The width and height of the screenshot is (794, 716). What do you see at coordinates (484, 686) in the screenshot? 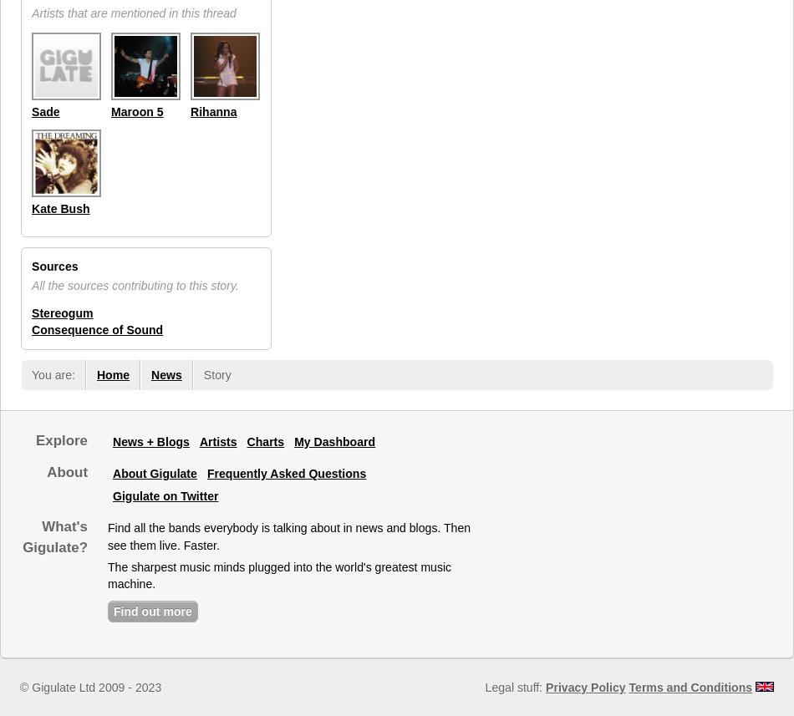
I see `'Legal stuff:'` at bounding box center [484, 686].